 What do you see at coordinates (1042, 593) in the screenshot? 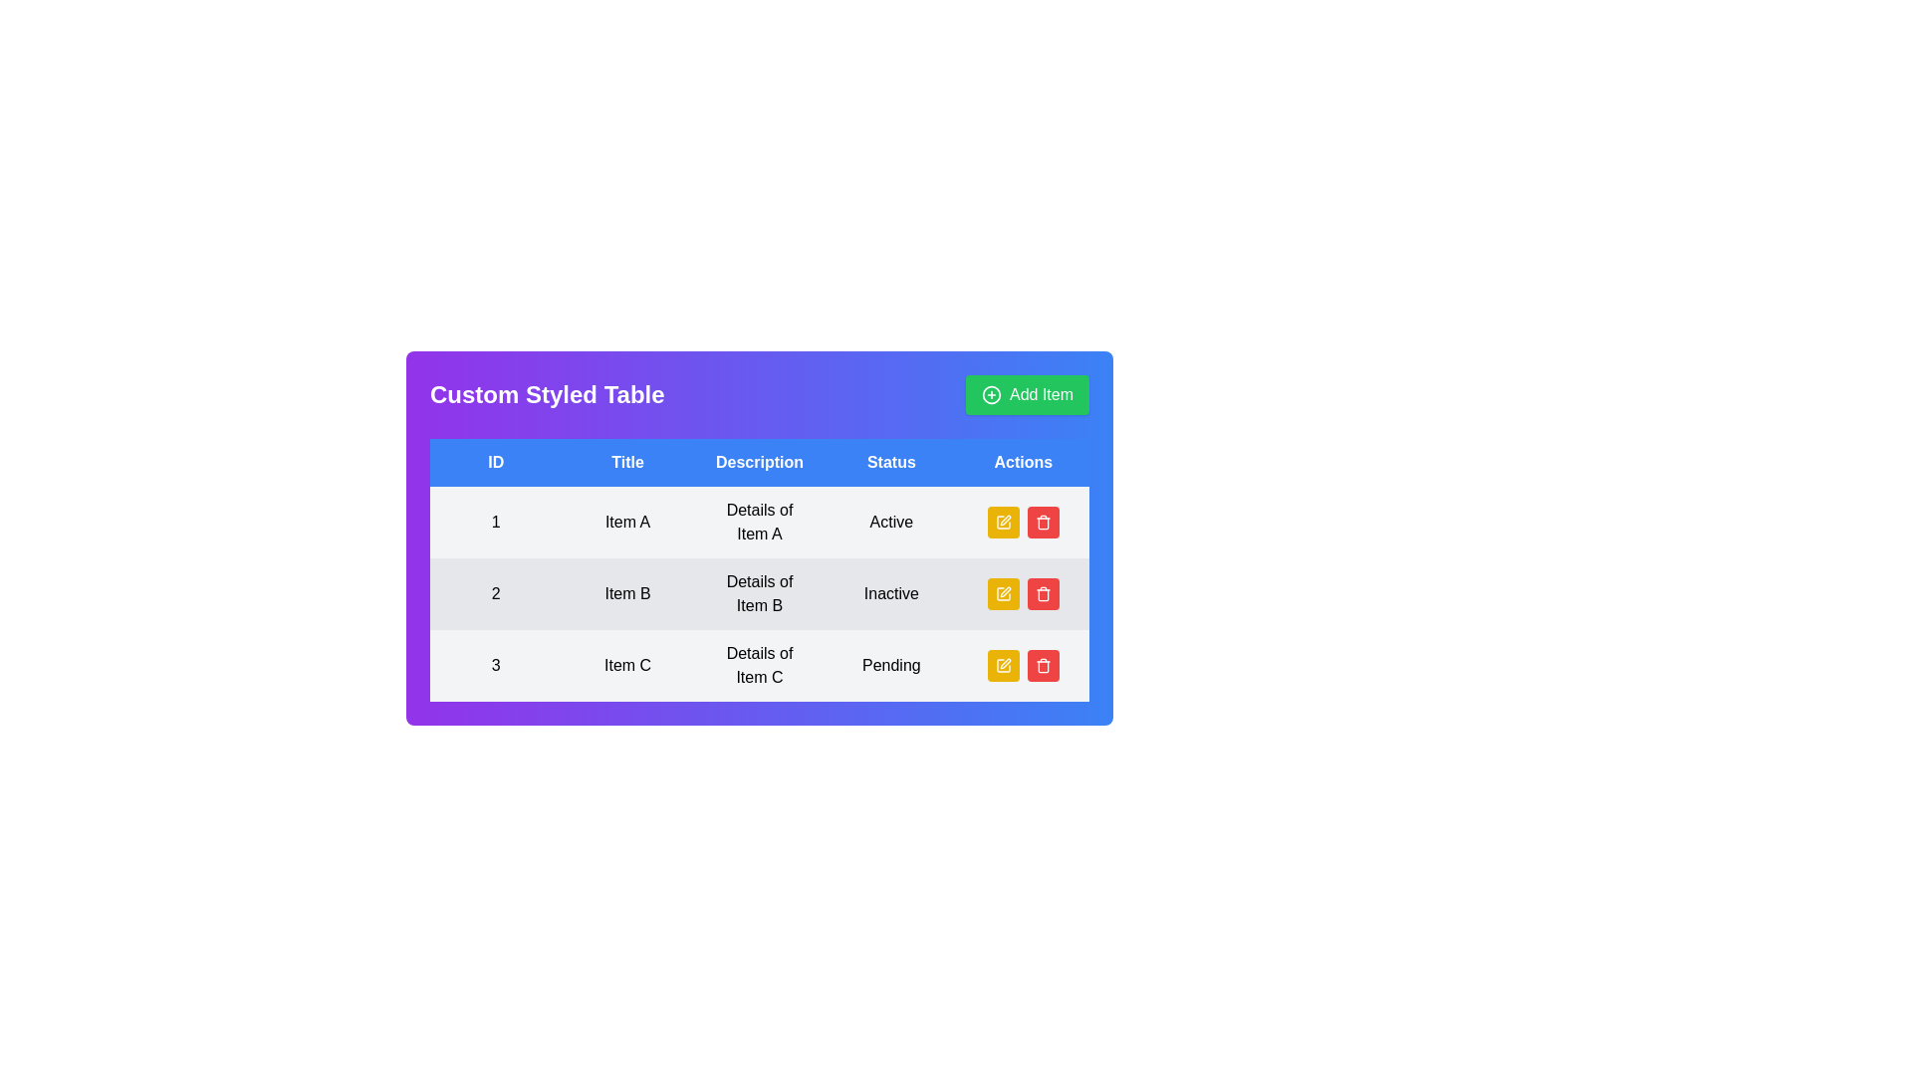
I see `the delete button located at the right end of the row in the 'Actions' column` at bounding box center [1042, 593].